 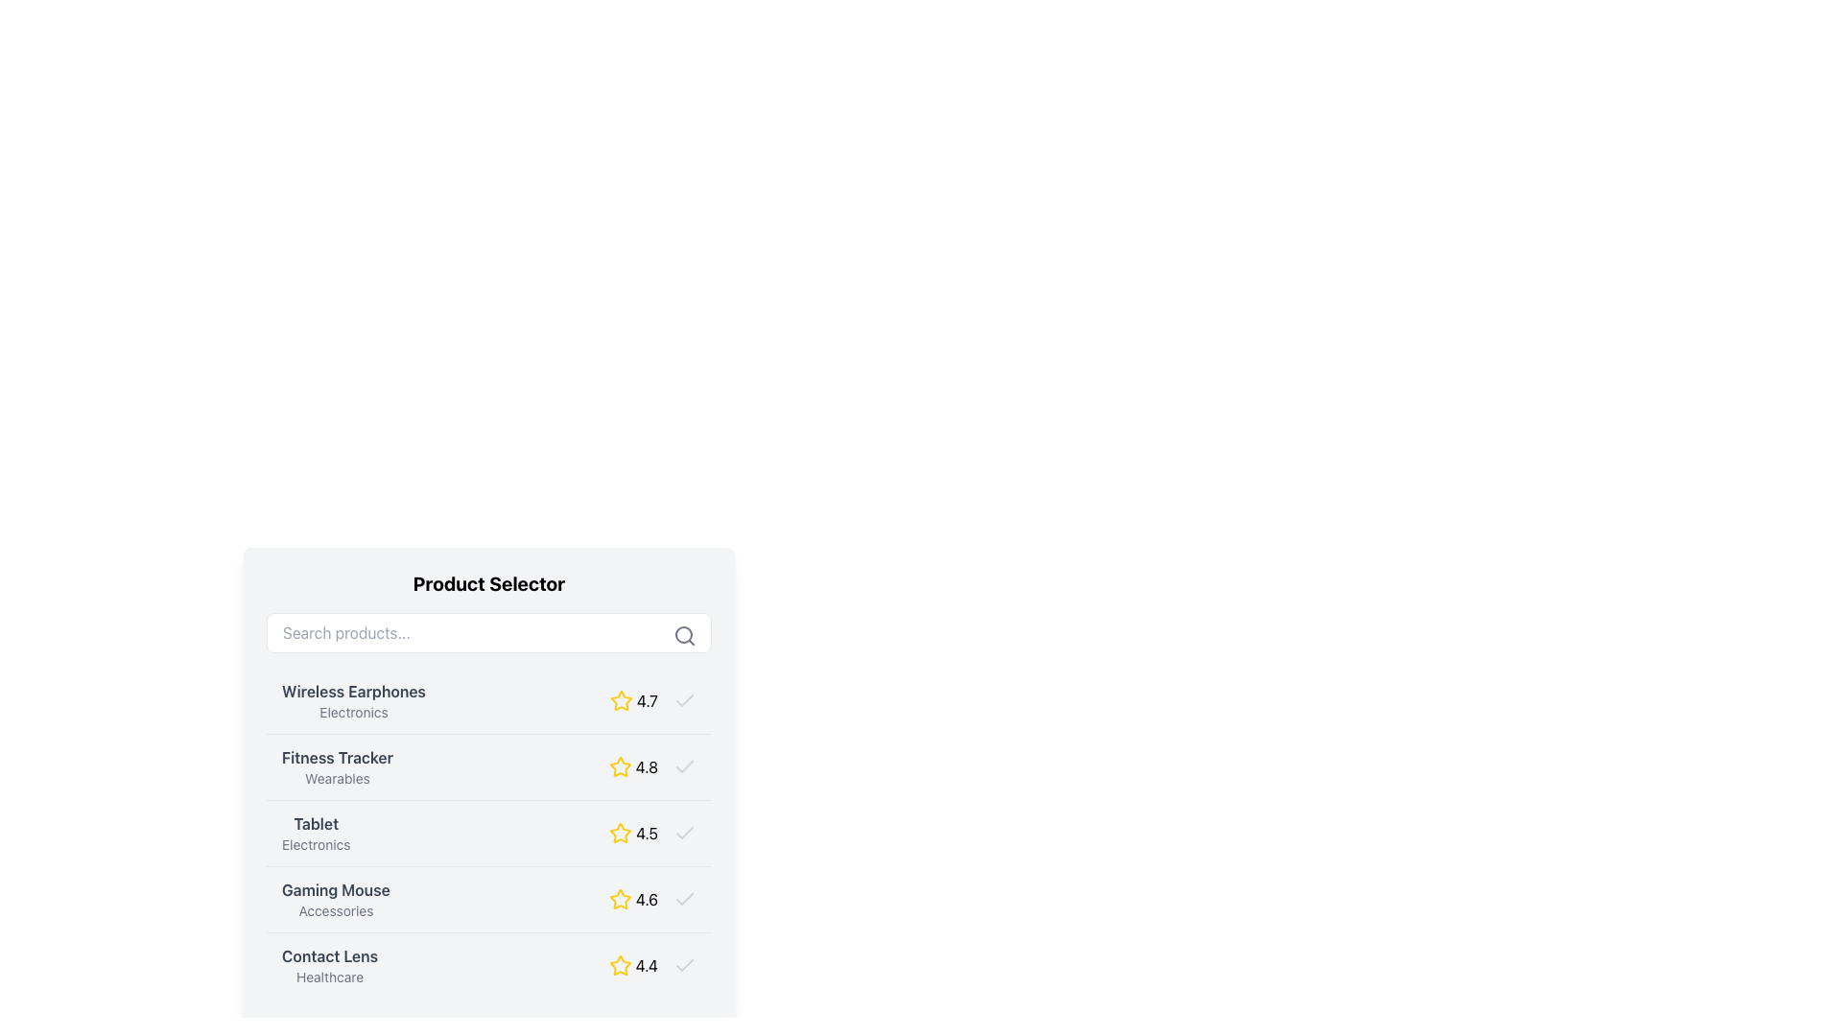 I want to click on the Static Text Label indicating 'Tablet', which is the third item in the product selector section of the vertical list, so click(x=316, y=823).